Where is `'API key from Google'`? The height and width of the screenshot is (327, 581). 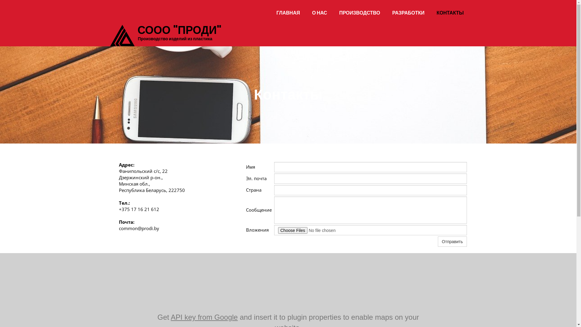 'API key from Google' is located at coordinates (170, 317).